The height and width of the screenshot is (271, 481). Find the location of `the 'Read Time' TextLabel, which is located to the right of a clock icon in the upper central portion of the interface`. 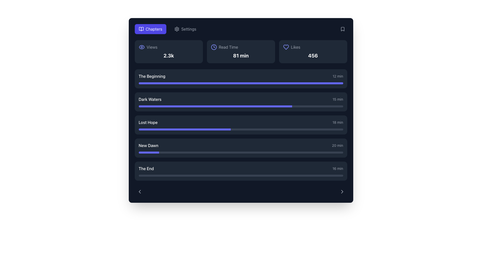

the 'Read Time' TextLabel, which is located to the right of a clock icon in the upper central portion of the interface is located at coordinates (228, 47).